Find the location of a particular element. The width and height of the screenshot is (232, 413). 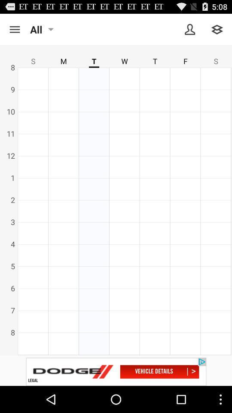

the avatar icon is located at coordinates (190, 31).